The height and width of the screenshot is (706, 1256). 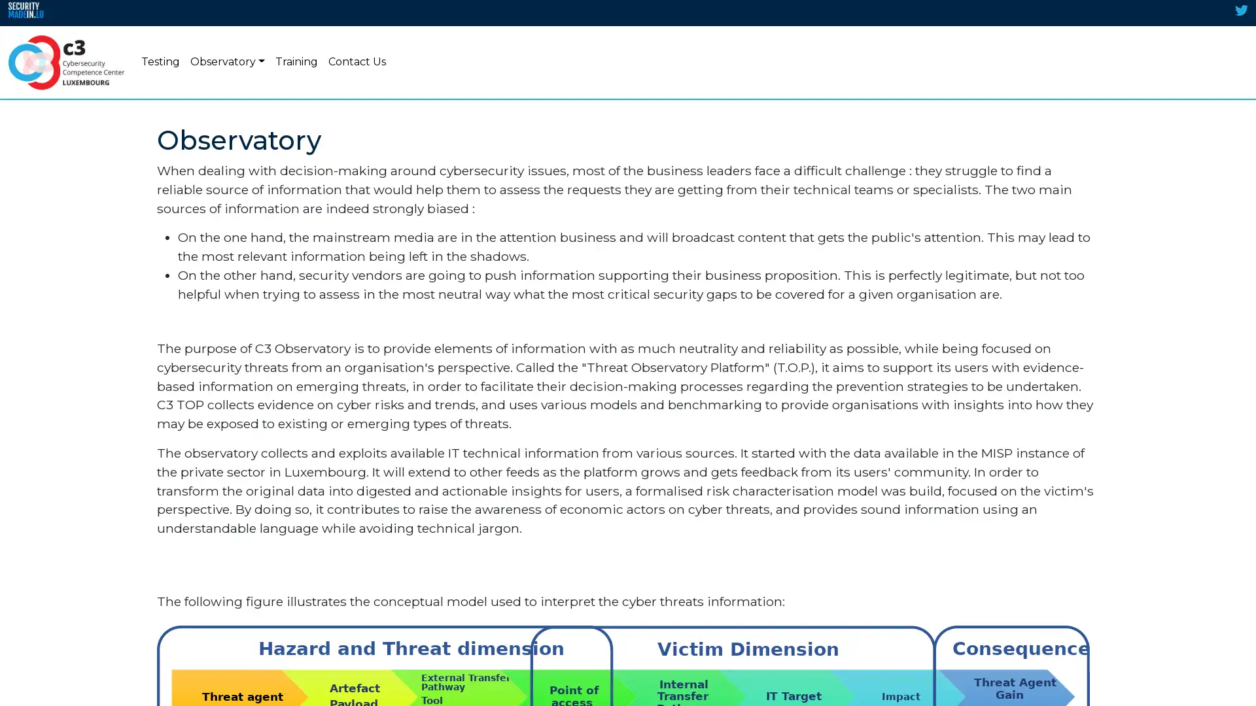 What do you see at coordinates (227, 62) in the screenshot?
I see `Observatory` at bounding box center [227, 62].